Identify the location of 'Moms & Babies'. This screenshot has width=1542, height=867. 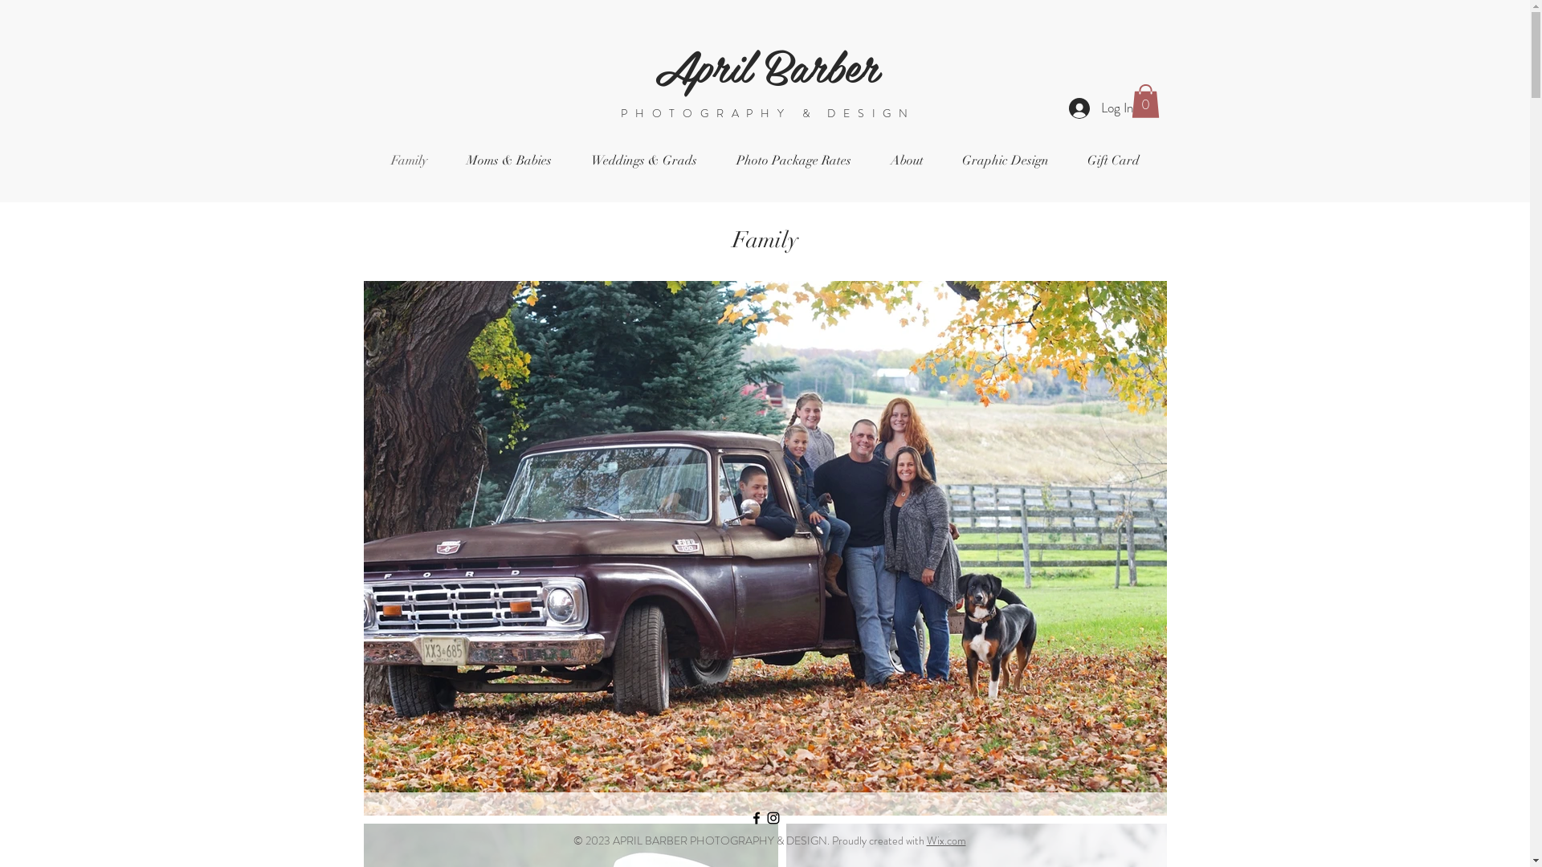
(447, 161).